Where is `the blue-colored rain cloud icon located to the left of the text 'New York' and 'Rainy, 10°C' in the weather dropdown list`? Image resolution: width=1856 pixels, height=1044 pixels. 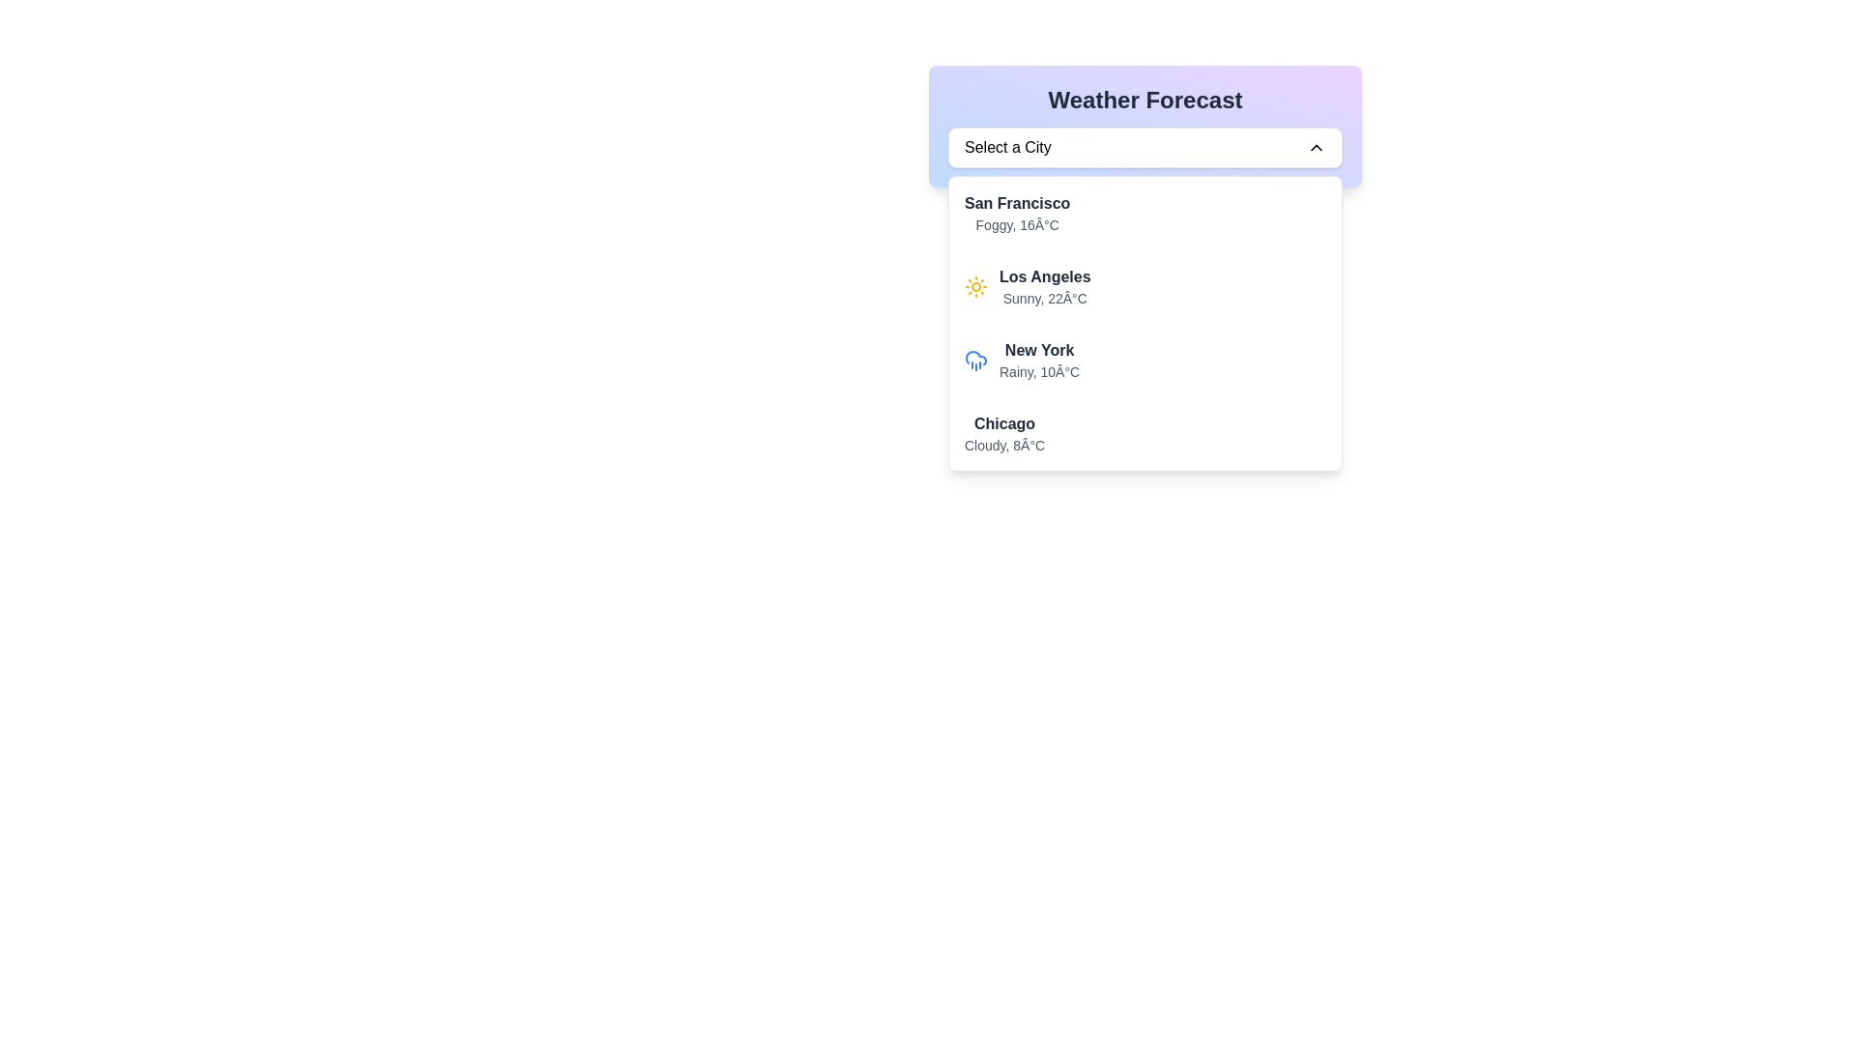
the blue-colored rain cloud icon located to the left of the text 'New York' and 'Rainy, 10°C' in the weather dropdown list is located at coordinates (975, 361).